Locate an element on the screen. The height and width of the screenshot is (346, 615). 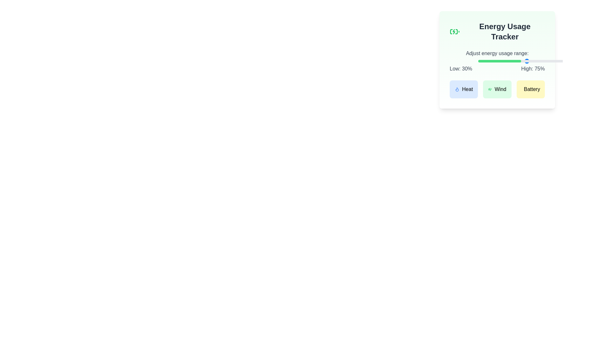
the green wind icon located to the left of the text 'Wind' in the middle button of the set labeled 'Heat', 'Wind', and 'Battery' is located at coordinates (490, 89).